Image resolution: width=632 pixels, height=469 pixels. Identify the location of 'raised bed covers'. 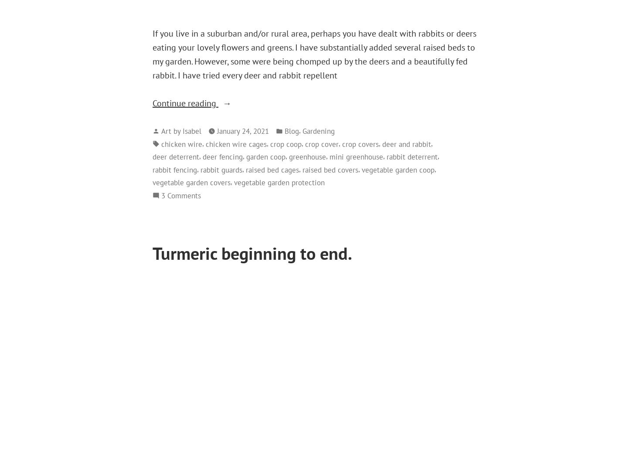
(330, 169).